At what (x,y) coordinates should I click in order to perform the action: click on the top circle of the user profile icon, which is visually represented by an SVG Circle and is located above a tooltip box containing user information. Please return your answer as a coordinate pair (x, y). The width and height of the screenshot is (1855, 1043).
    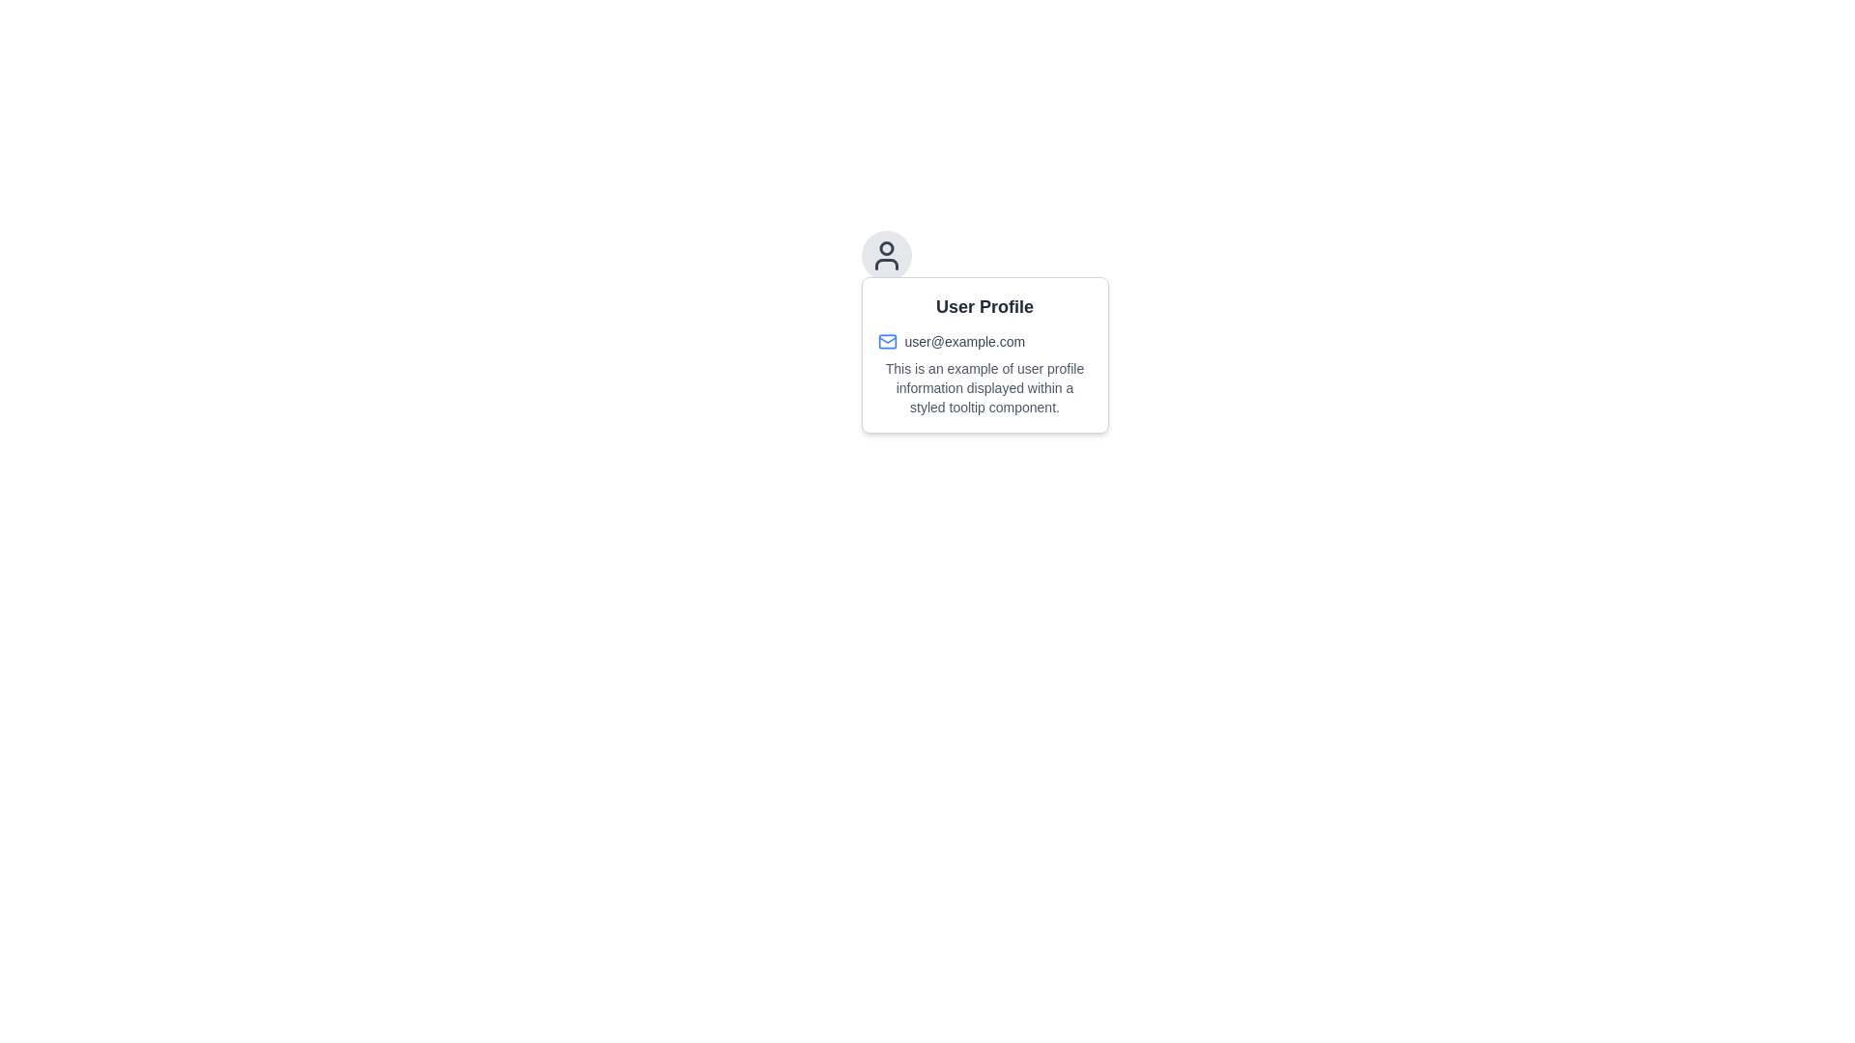
    Looking at the image, I should click on (885, 247).